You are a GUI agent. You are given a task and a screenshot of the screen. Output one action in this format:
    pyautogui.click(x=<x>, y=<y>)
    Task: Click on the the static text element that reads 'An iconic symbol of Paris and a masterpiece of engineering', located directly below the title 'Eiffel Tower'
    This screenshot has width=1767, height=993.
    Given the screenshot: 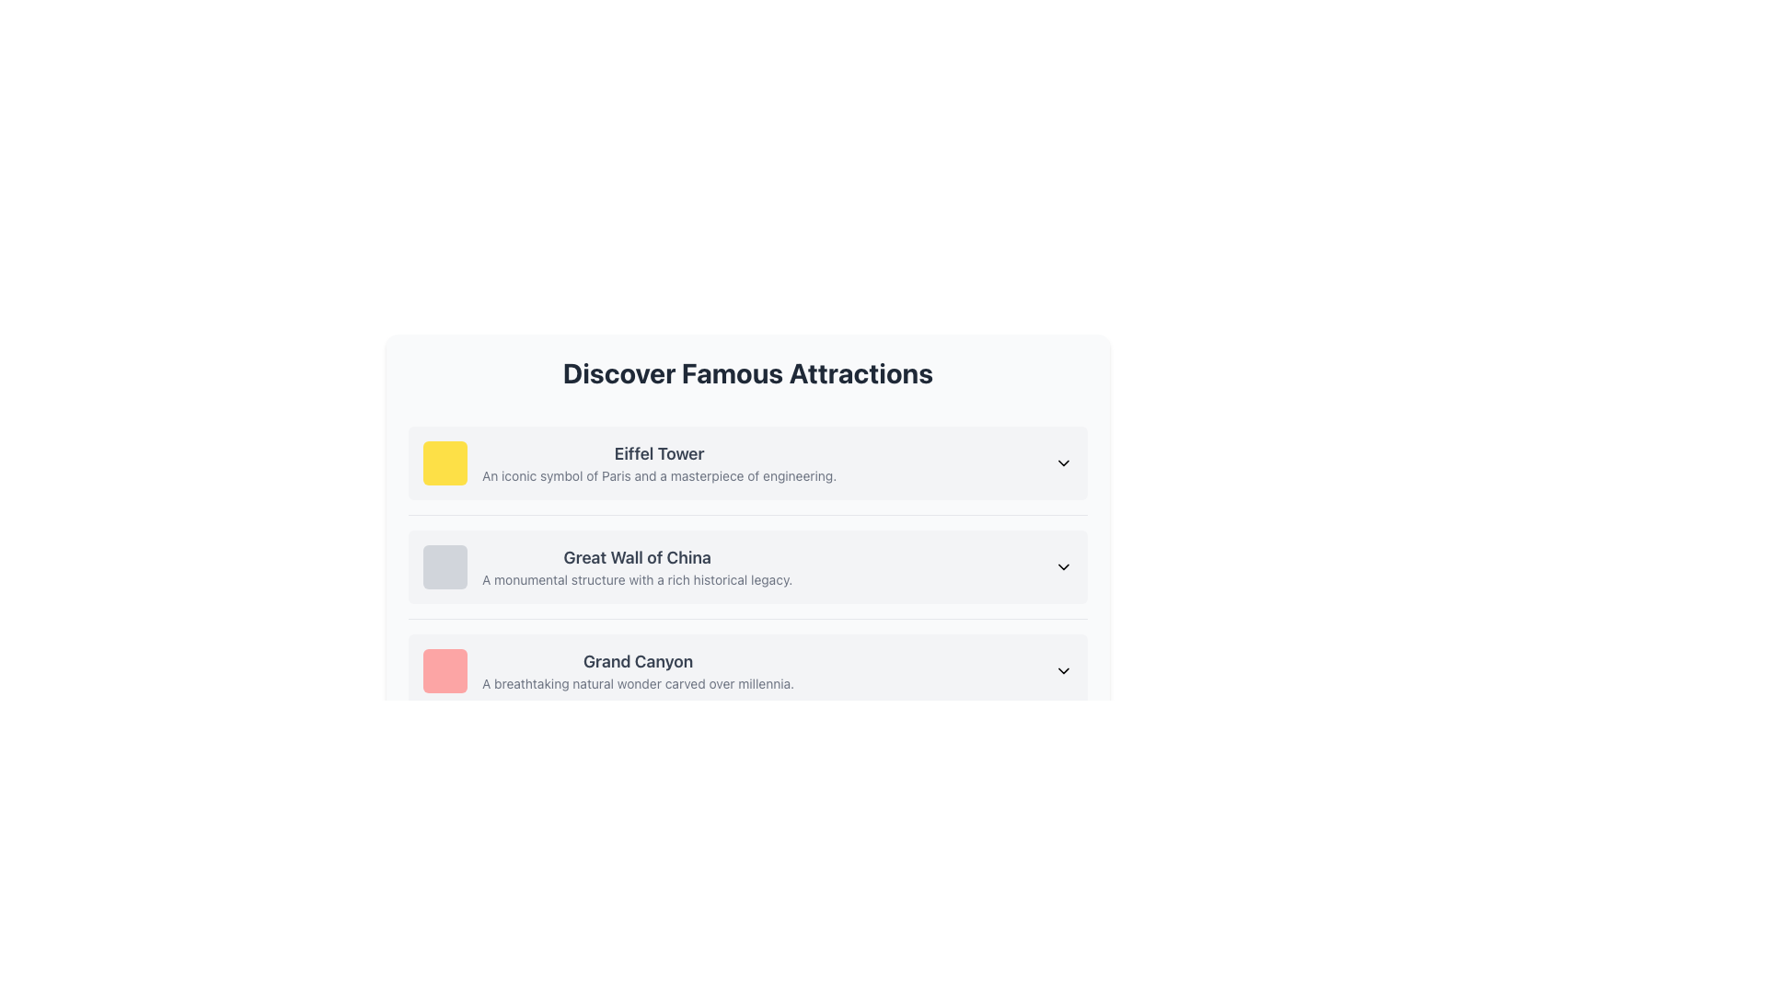 What is the action you would take?
    pyautogui.click(x=659, y=474)
    